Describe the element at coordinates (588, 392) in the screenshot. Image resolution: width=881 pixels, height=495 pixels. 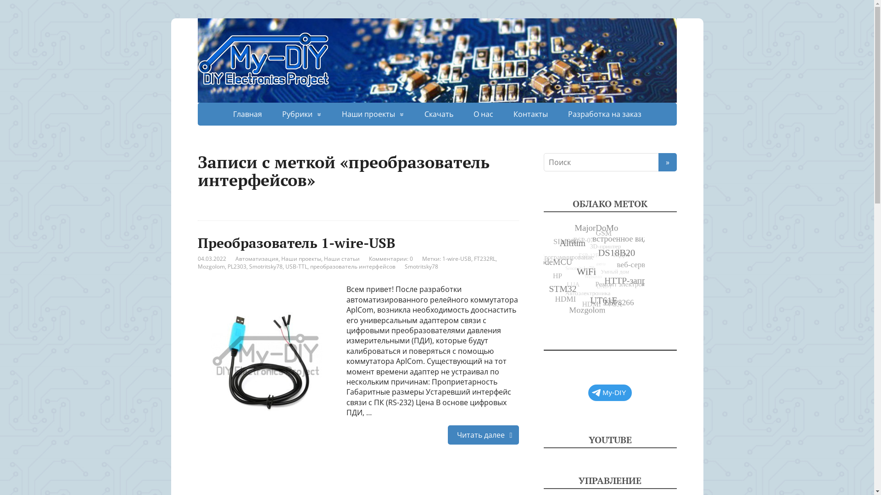
I see `'My-DIY'` at that location.